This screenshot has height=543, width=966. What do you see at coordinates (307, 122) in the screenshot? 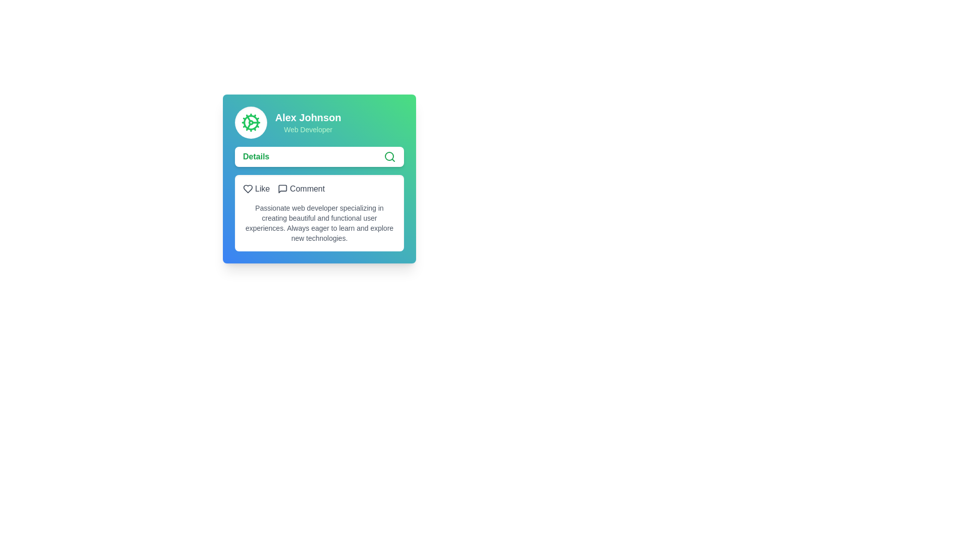
I see `the Text Block displaying the user's name and job title, located on the right side of the circular icon within the card interface` at bounding box center [307, 122].